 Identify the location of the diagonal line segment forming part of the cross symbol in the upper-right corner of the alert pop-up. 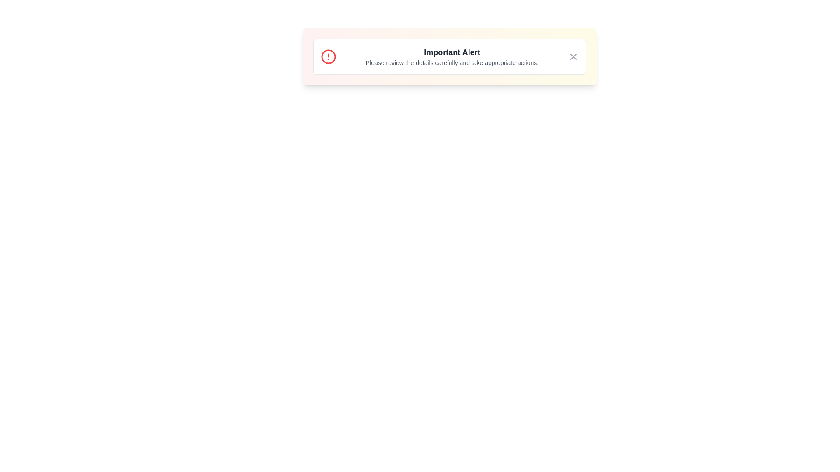
(573, 57).